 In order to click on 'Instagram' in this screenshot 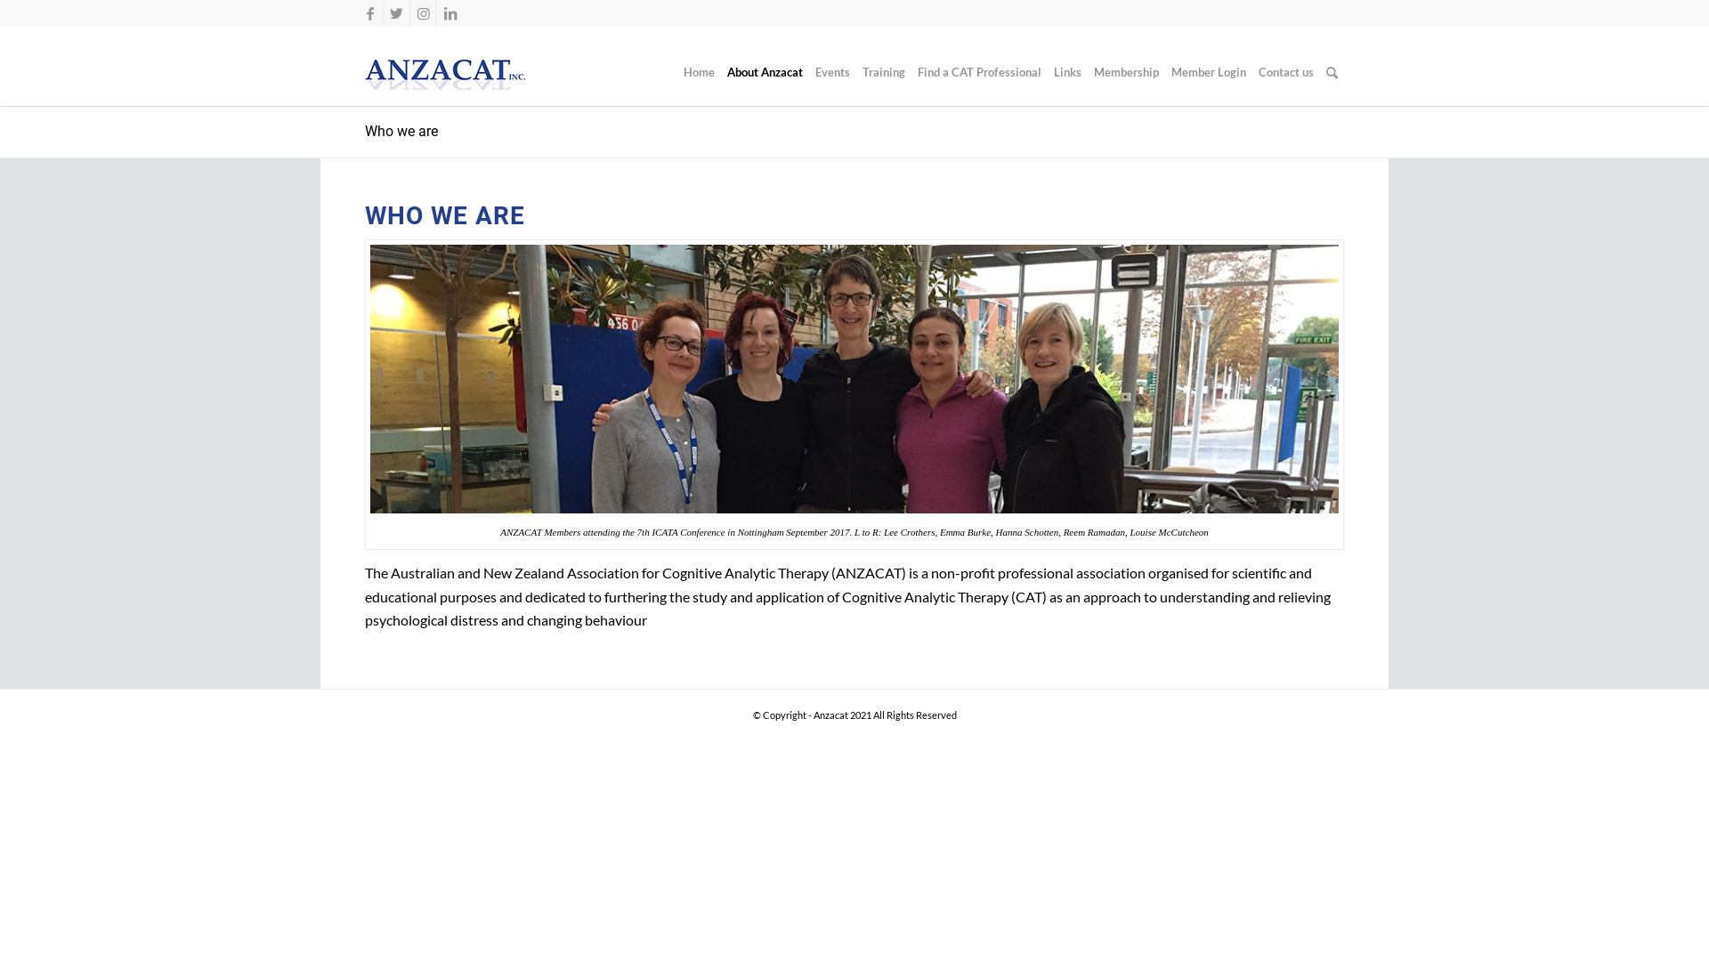, I will do `click(409, 13)`.